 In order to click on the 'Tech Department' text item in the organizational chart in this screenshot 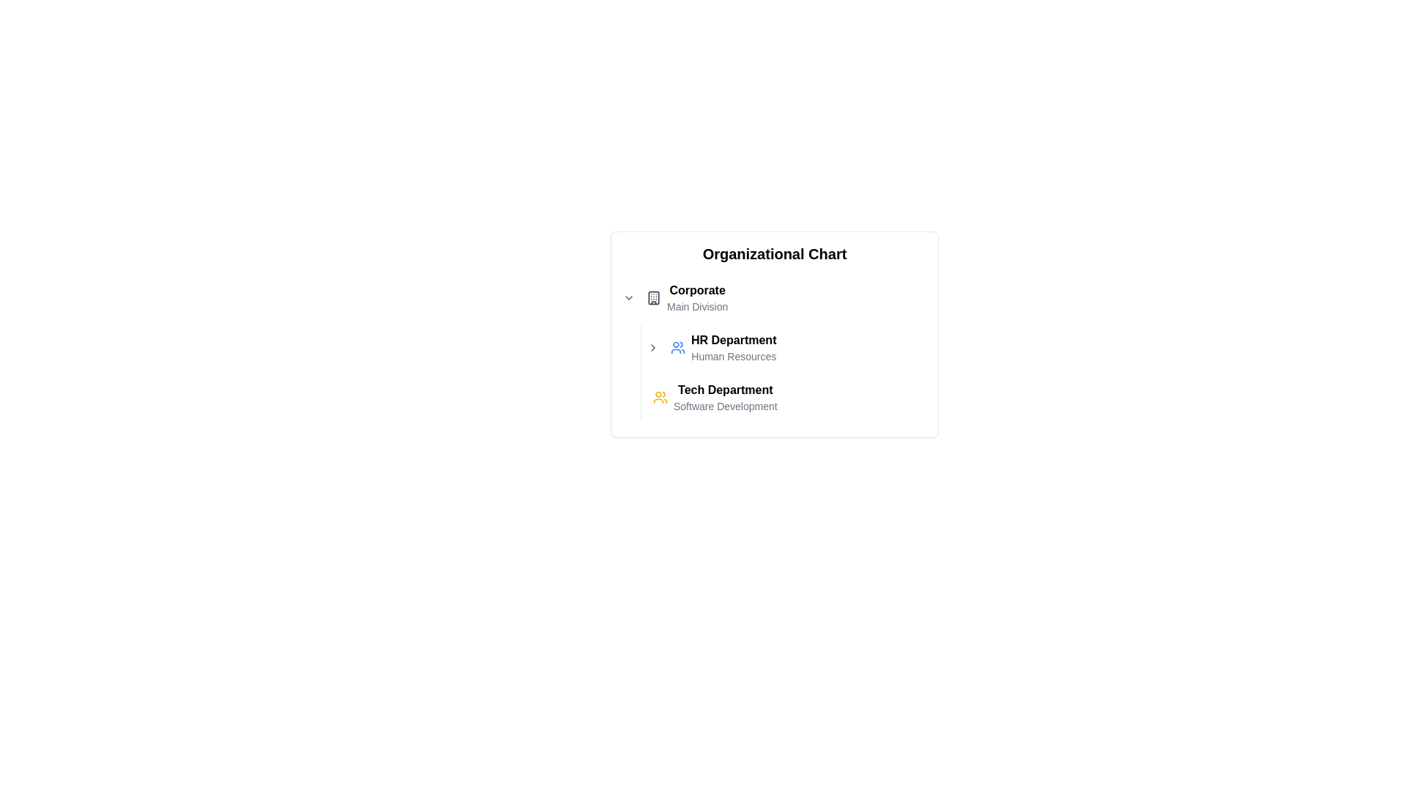, I will do `click(715, 398)`.